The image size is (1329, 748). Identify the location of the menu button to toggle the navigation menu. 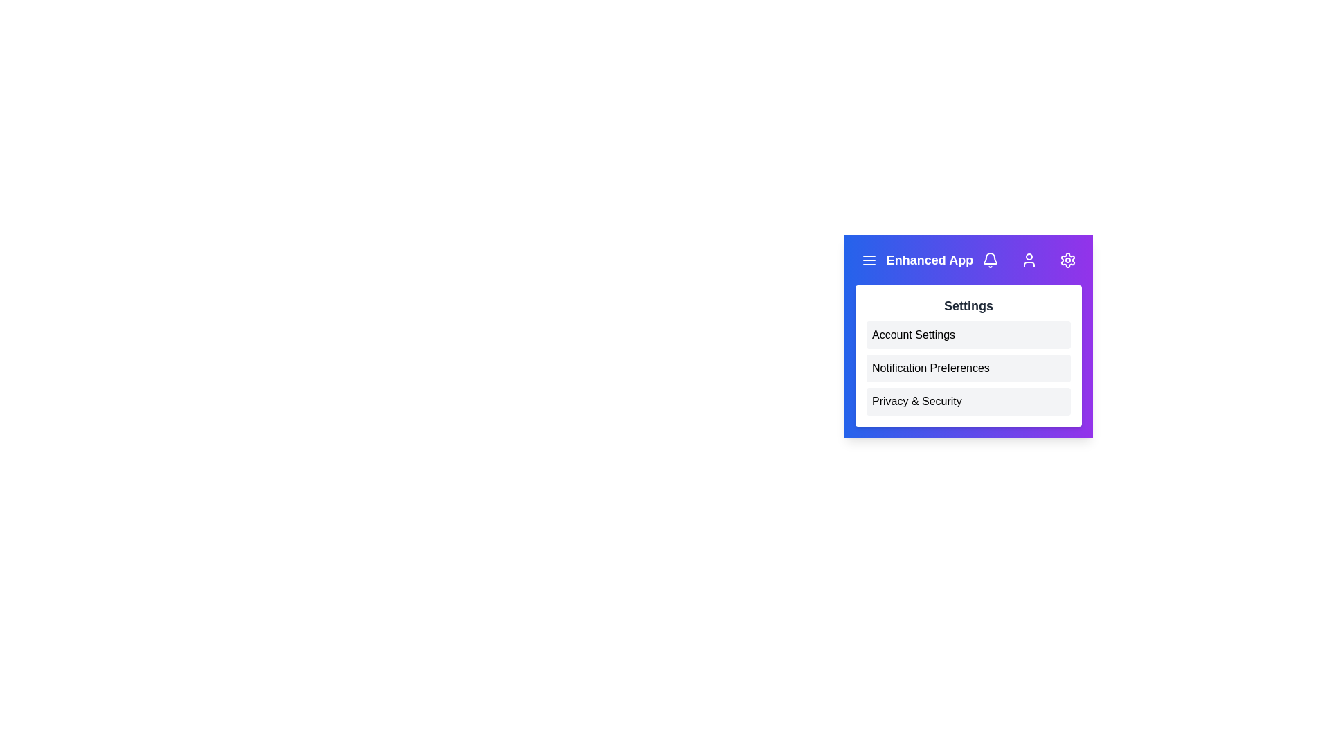
(869, 260).